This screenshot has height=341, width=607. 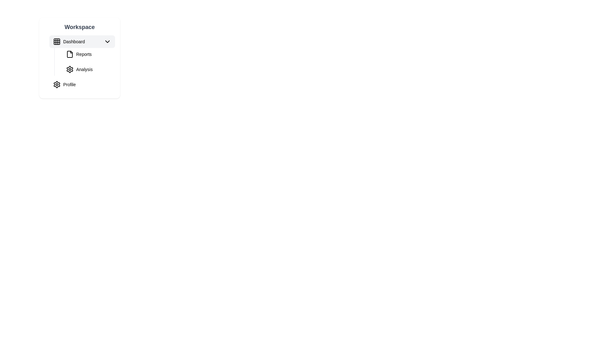 I want to click on the text label indicating the 'Dashboard' section, which is positioned as the first entry under the 'Workspace' section, so click(x=74, y=41).